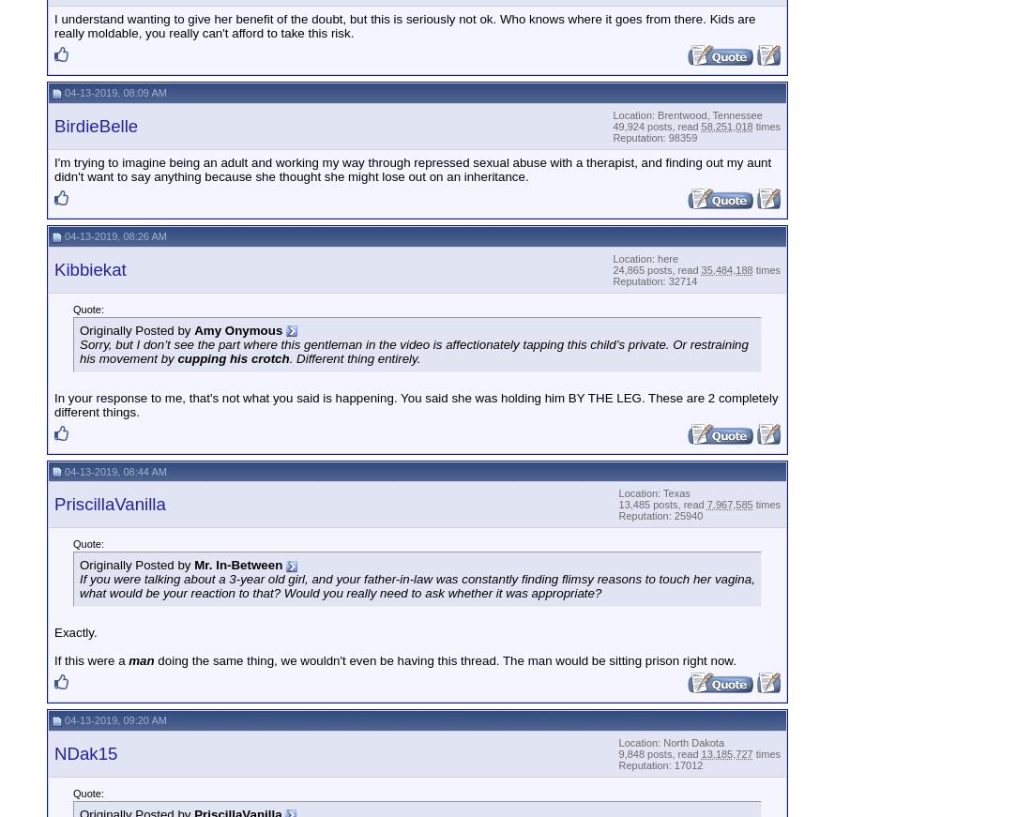  I want to click on 'Mr. In-Between', so click(194, 564).